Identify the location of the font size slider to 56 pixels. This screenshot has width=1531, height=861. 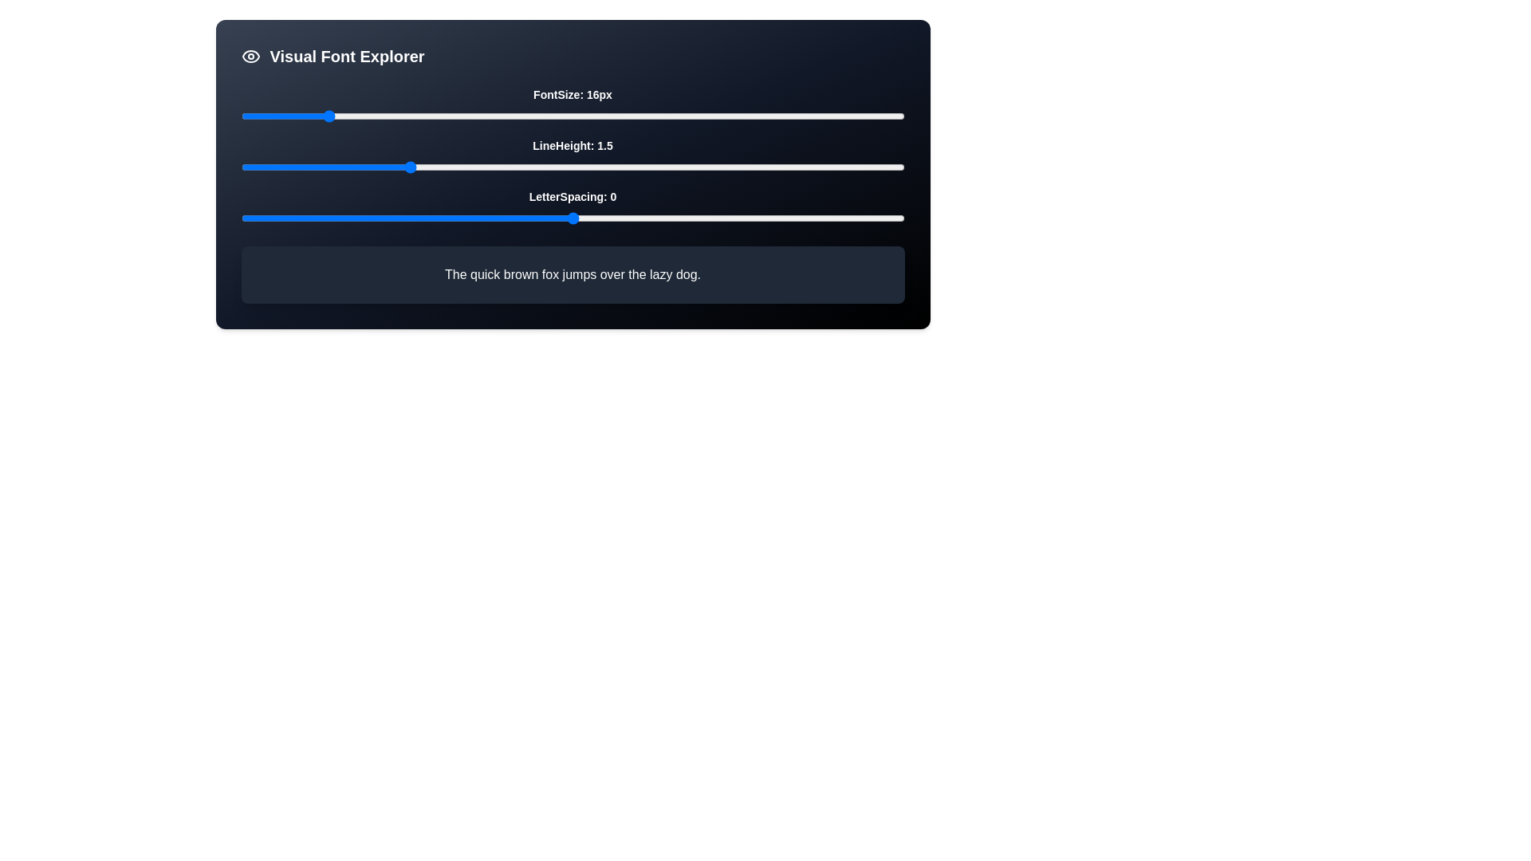
(738, 116).